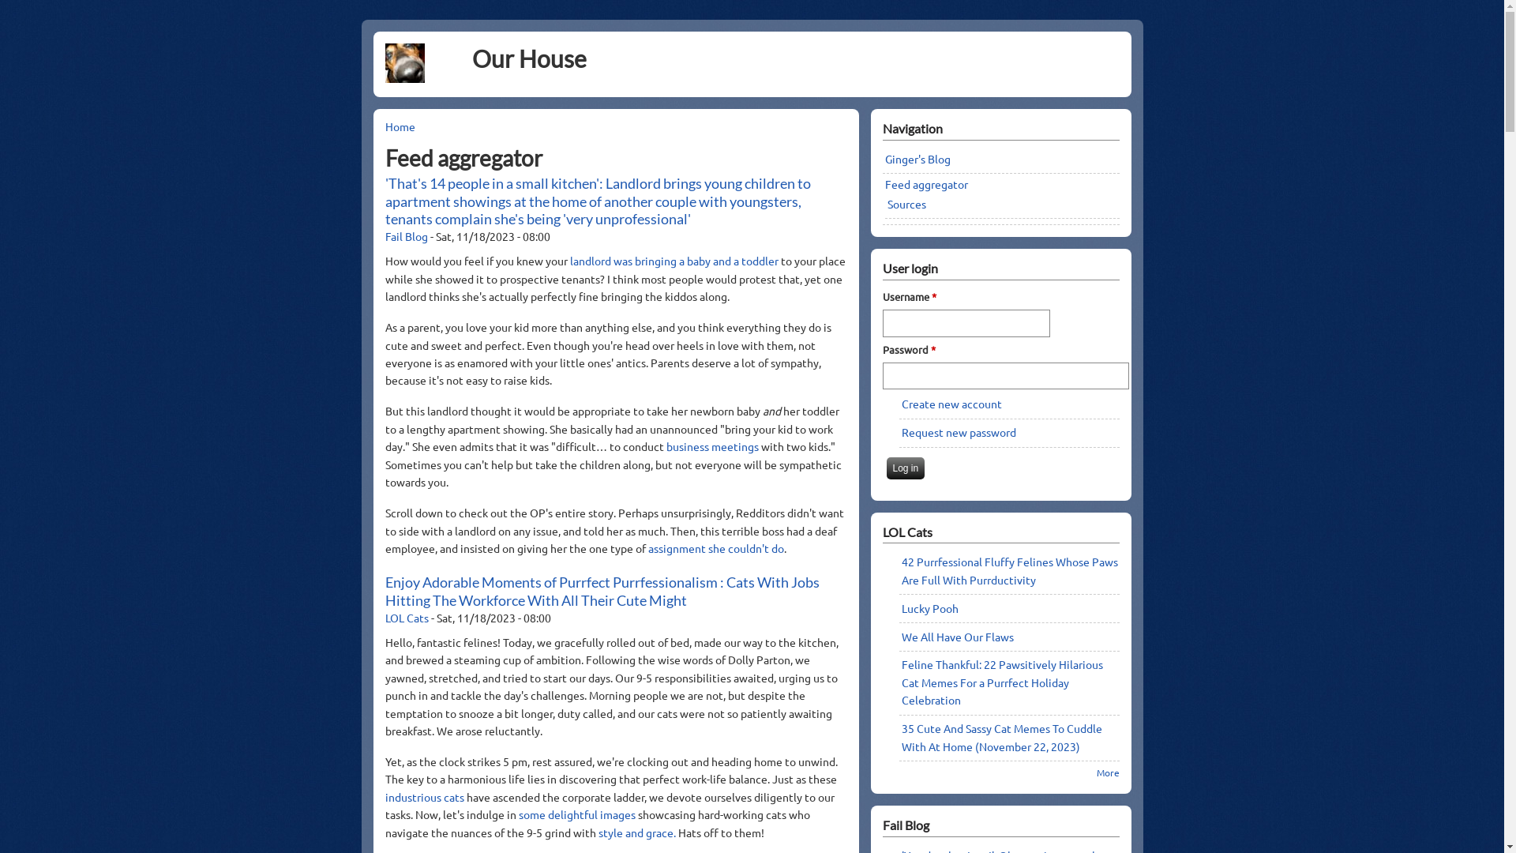 This screenshot has width=1516, height=853. I want to click on 'Fail Blog', so click(406, 236).